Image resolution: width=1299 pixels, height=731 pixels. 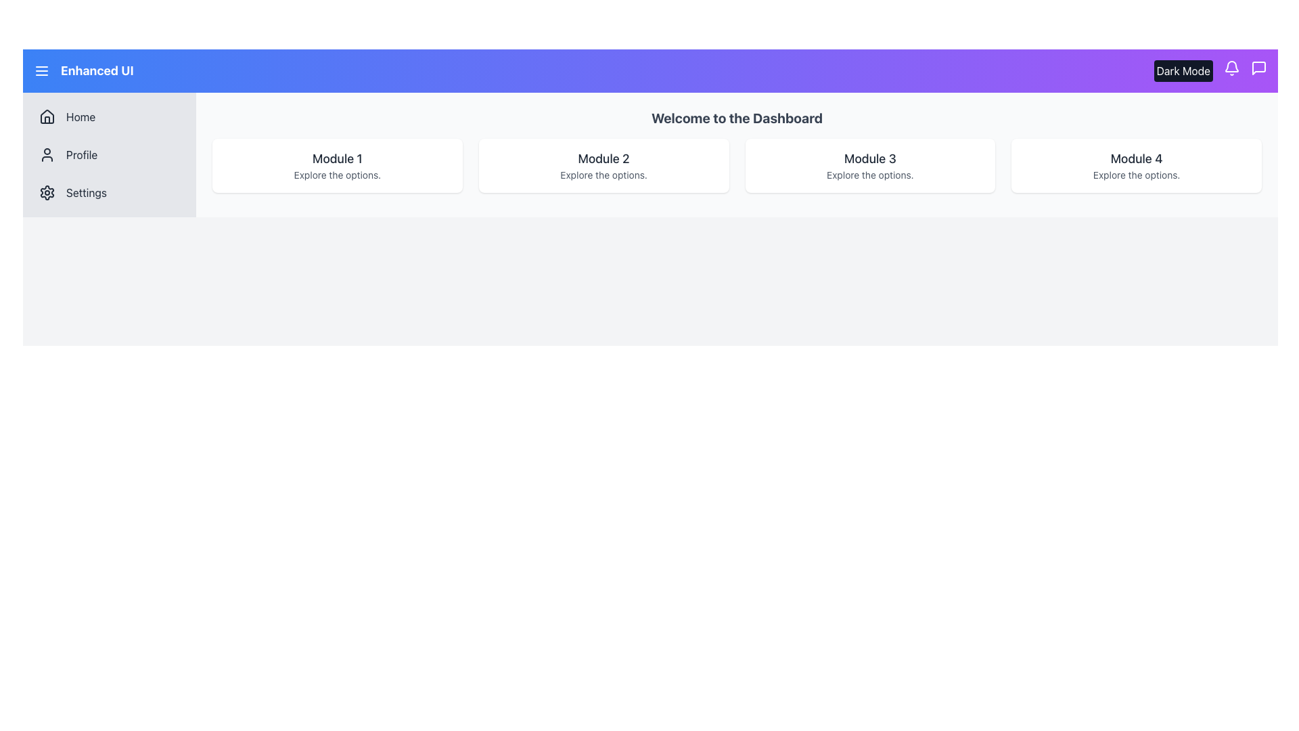 What do you see at coordinates (42, 70) in the screenshot?
I see `the menu toggle button located to the left of the text 'Enhanced UI' in the top navigation bar` at bounding box center [42, 70].